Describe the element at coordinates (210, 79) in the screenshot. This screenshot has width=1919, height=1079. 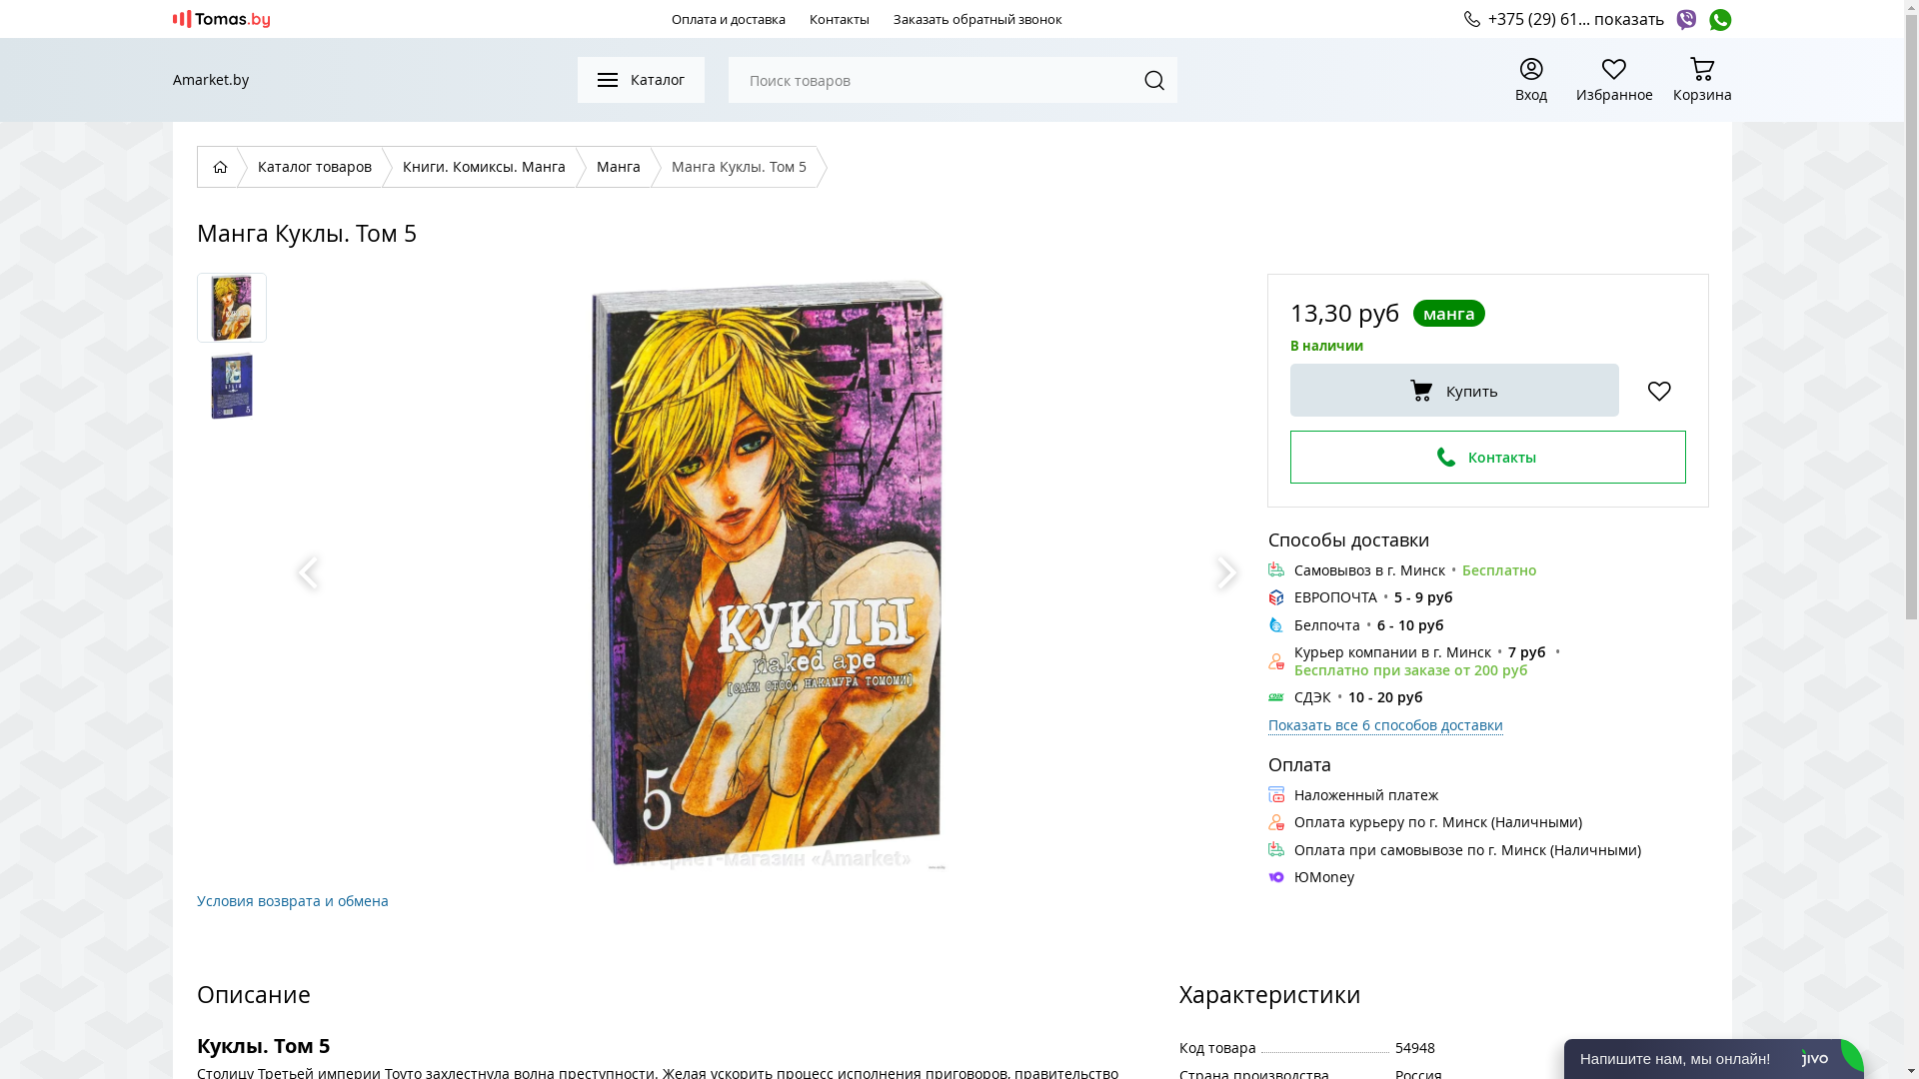
I see `'Amarket.by'` at that location.